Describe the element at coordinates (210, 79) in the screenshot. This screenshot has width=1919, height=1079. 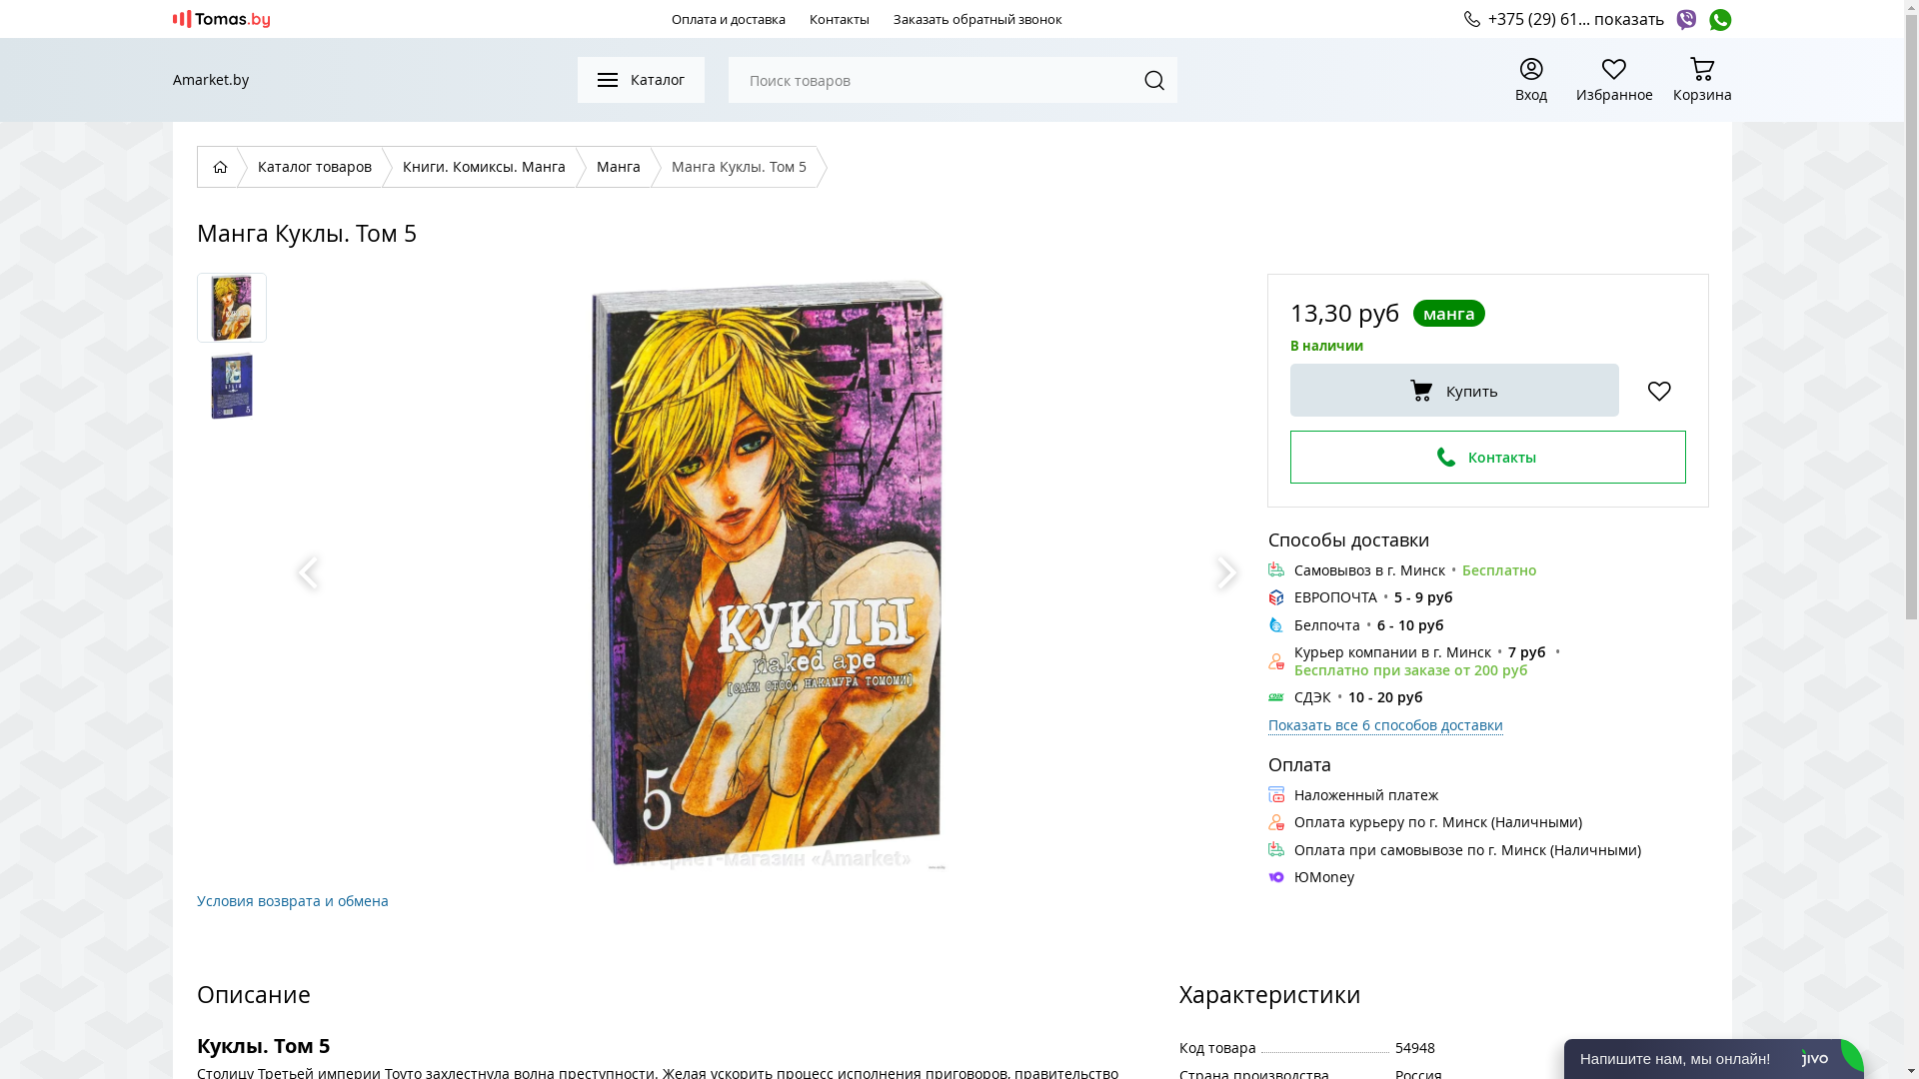
I see `'Amarket.by'` at that location.